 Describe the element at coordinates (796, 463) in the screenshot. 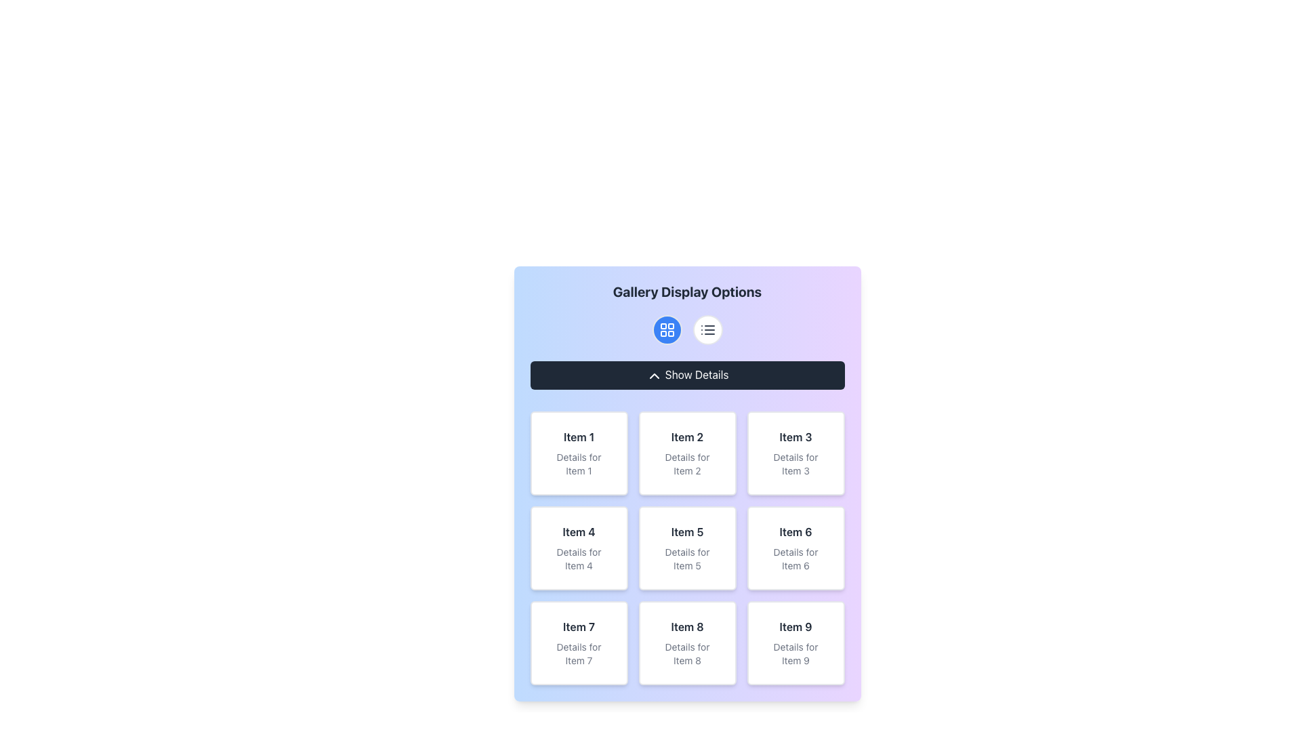

I see `descriptive text element located directly below 'Item 3' in the third card of the third column in a 3x3 grid` at that location.